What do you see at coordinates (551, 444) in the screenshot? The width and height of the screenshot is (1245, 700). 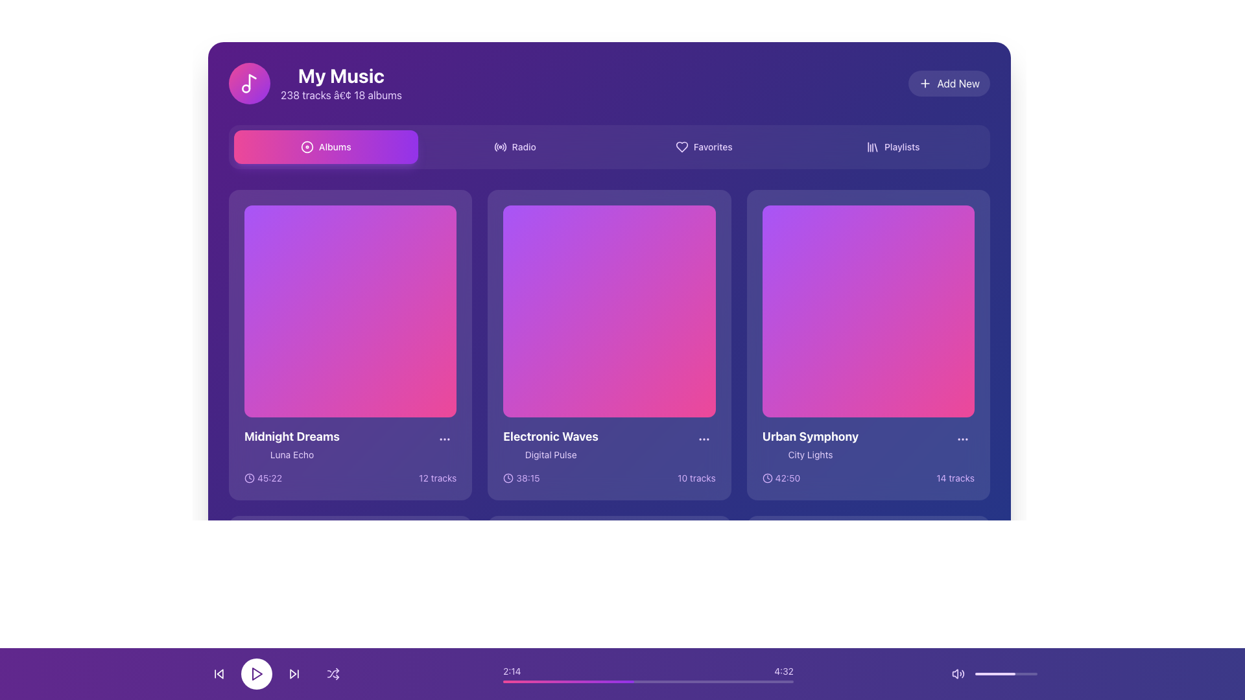 I see `text details of the Text Label displaying 'Electronic Waves' and 'Digital Pulse' which is the second card in the album grid layout` at bounding box center [551, 444].